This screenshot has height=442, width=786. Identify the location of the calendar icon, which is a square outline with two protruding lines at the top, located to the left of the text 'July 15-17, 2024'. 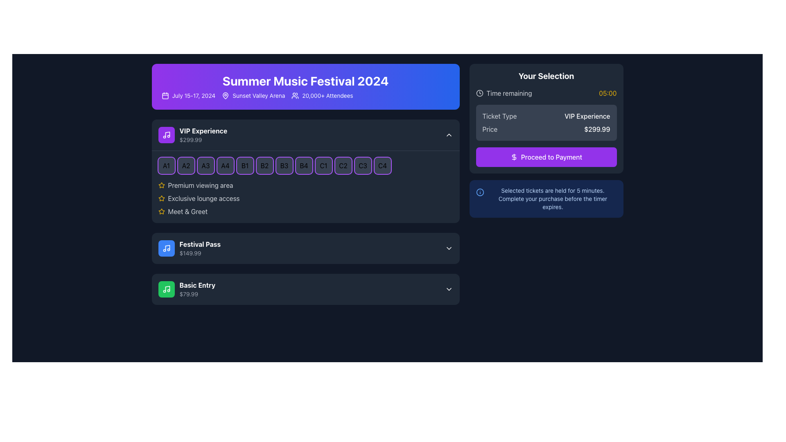
(165, 95).